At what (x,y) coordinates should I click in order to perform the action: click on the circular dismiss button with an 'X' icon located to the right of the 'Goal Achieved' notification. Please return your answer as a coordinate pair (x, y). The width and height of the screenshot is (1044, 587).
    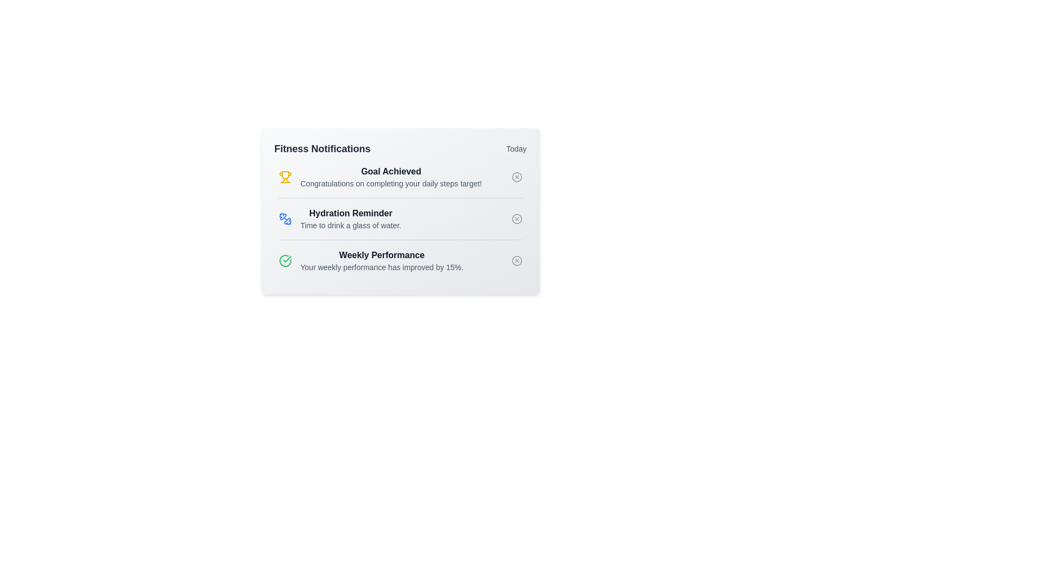
    Looking at the image, I should click on (516, 177).